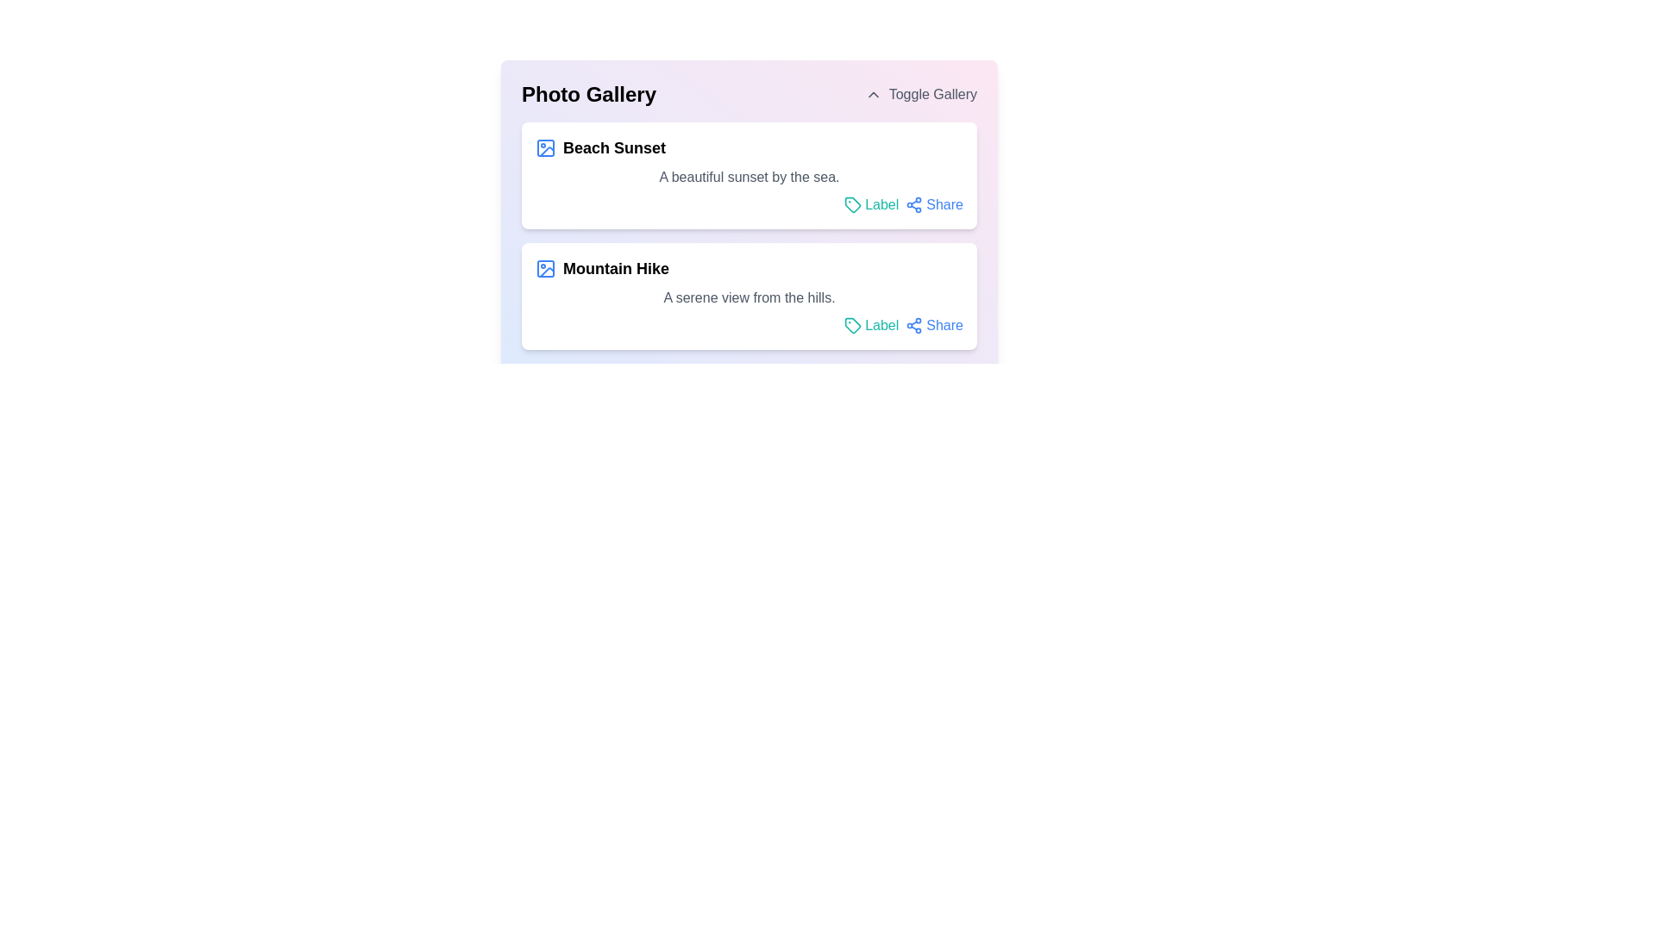 The height and width of the screenshot is (931, 1656). What do you see at coordinates (853, 326) in the screenshot?
I see `the teal-colored tag-shaped SVG icon located to the left of the 'Label' text in the second row of the photo gallery interface` at bounding box center [853, 326].